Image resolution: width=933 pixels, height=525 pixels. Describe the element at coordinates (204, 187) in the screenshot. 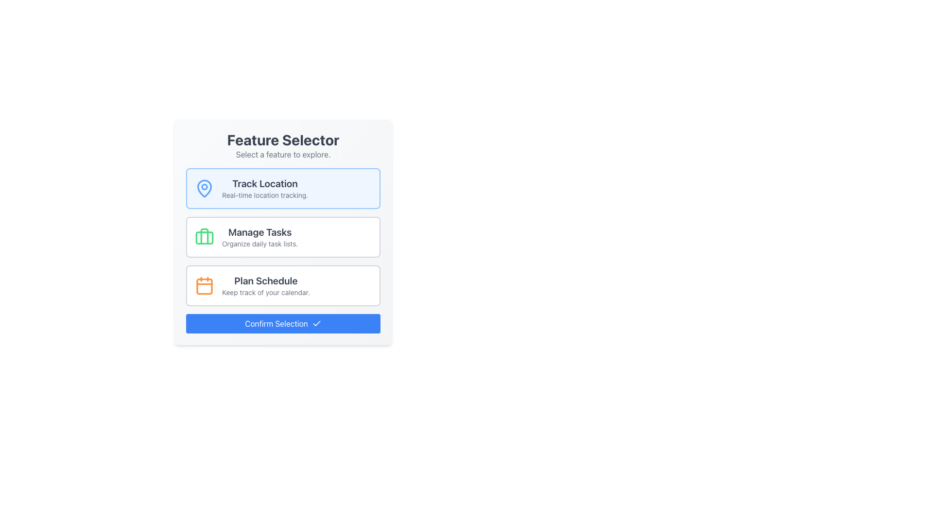

I see `the circular graphical icon component that is part of the larger map pin icon within the 'Track Location' option card` at that location.